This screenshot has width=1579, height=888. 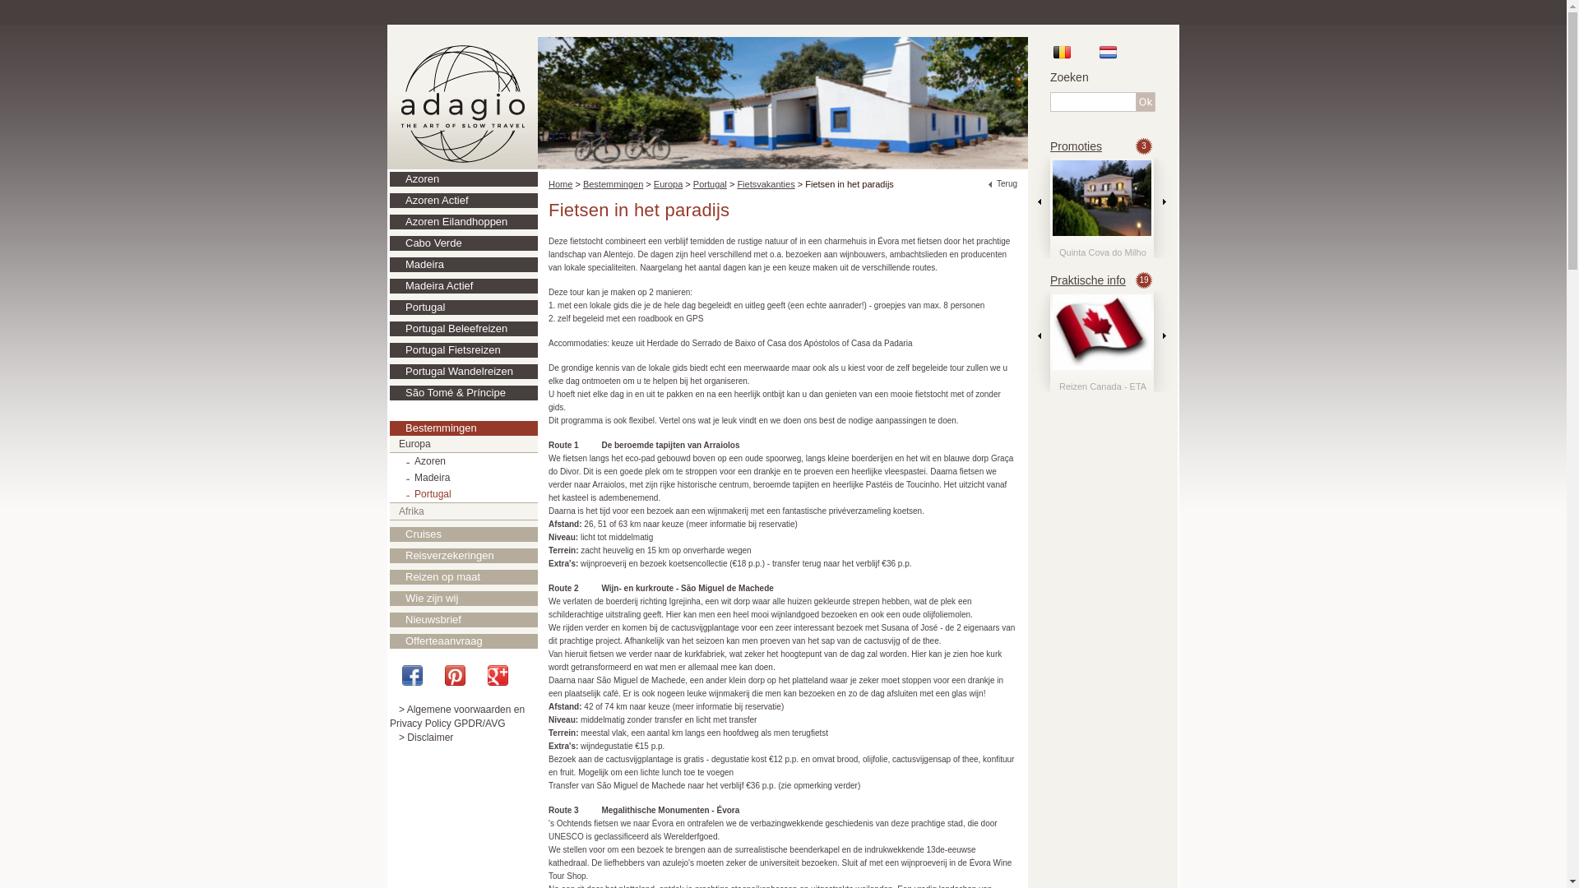 What do you see at coordinates (463, 263) in the screenshot?
I see `'Madeira'` at bounding box center [463, 263].